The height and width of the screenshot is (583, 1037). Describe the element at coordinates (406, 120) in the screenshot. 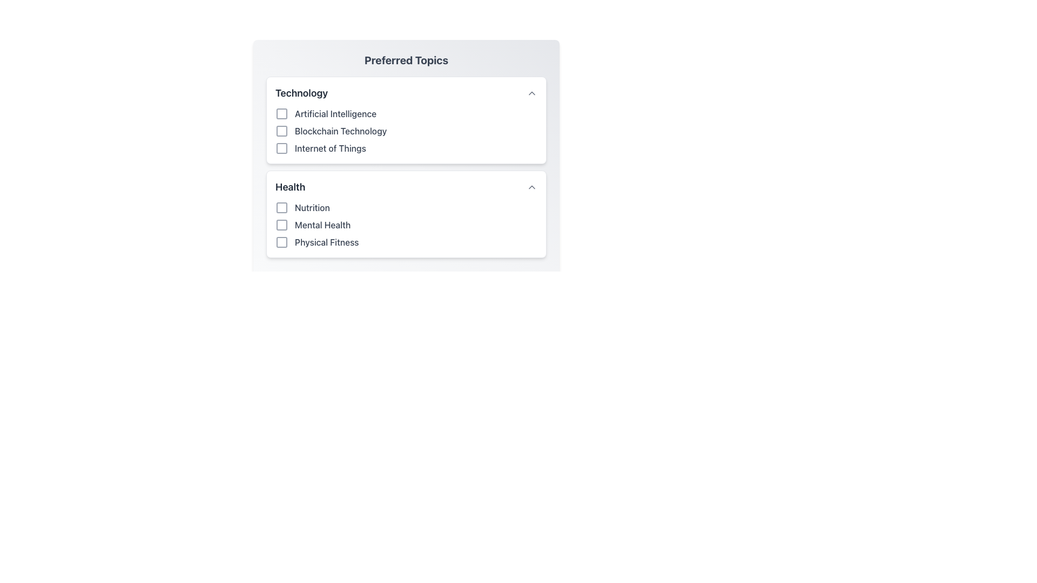

I see `the checkbox within the 'Preferred Topics' selection group` at that location.